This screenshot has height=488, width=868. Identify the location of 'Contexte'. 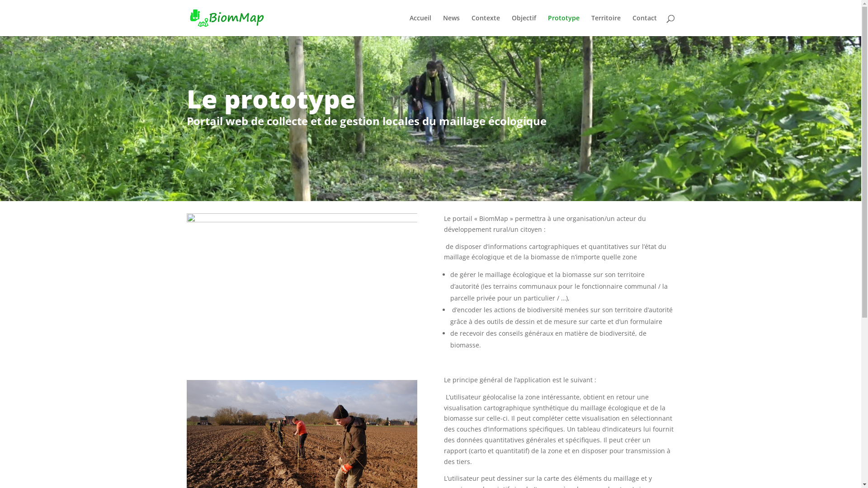
(470, 25).